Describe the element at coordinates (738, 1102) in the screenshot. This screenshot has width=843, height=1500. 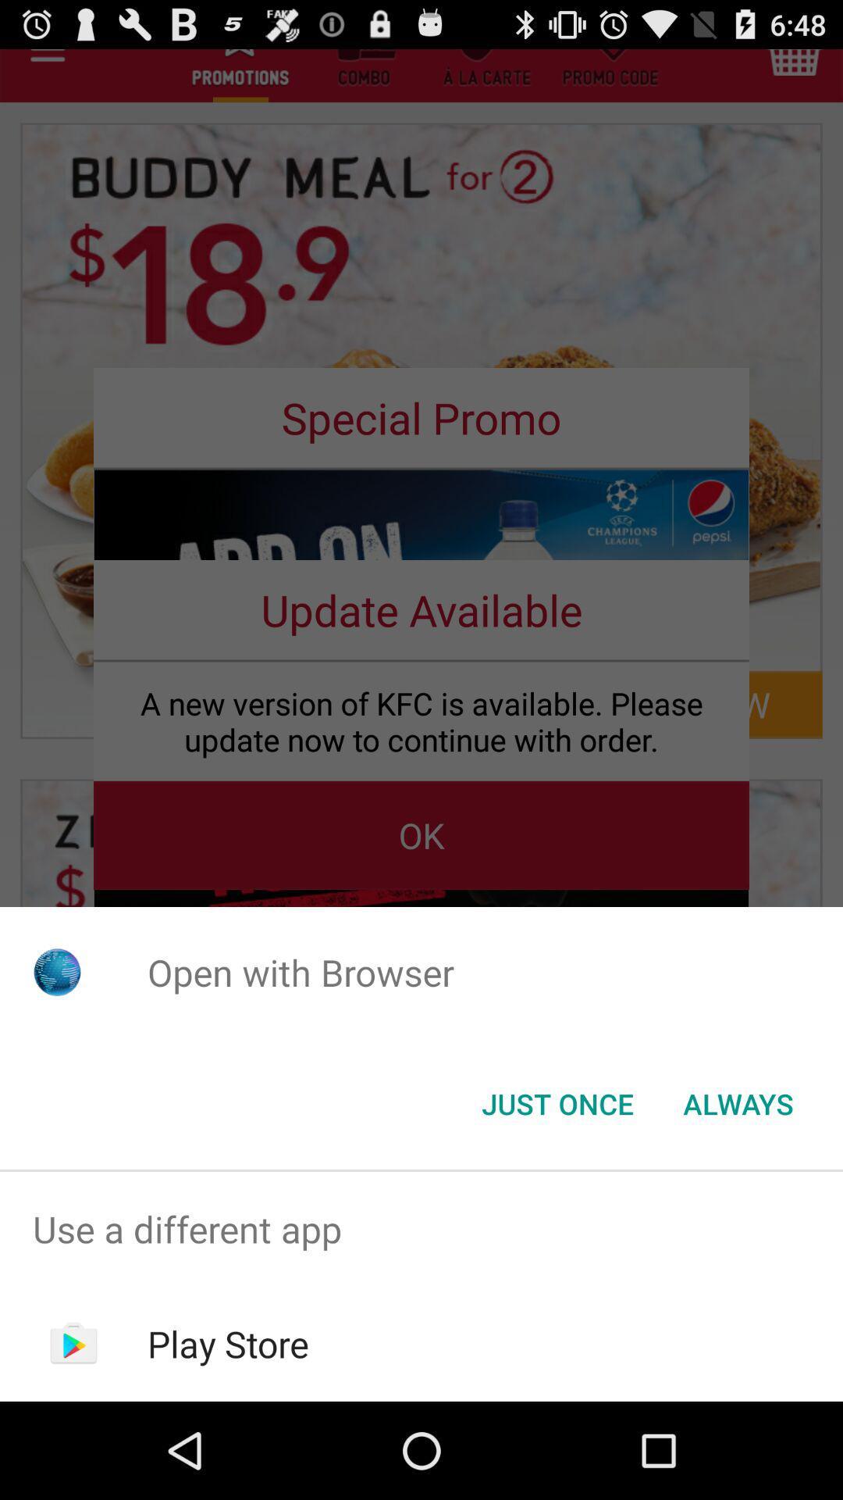
I see `the always icon` at that location.